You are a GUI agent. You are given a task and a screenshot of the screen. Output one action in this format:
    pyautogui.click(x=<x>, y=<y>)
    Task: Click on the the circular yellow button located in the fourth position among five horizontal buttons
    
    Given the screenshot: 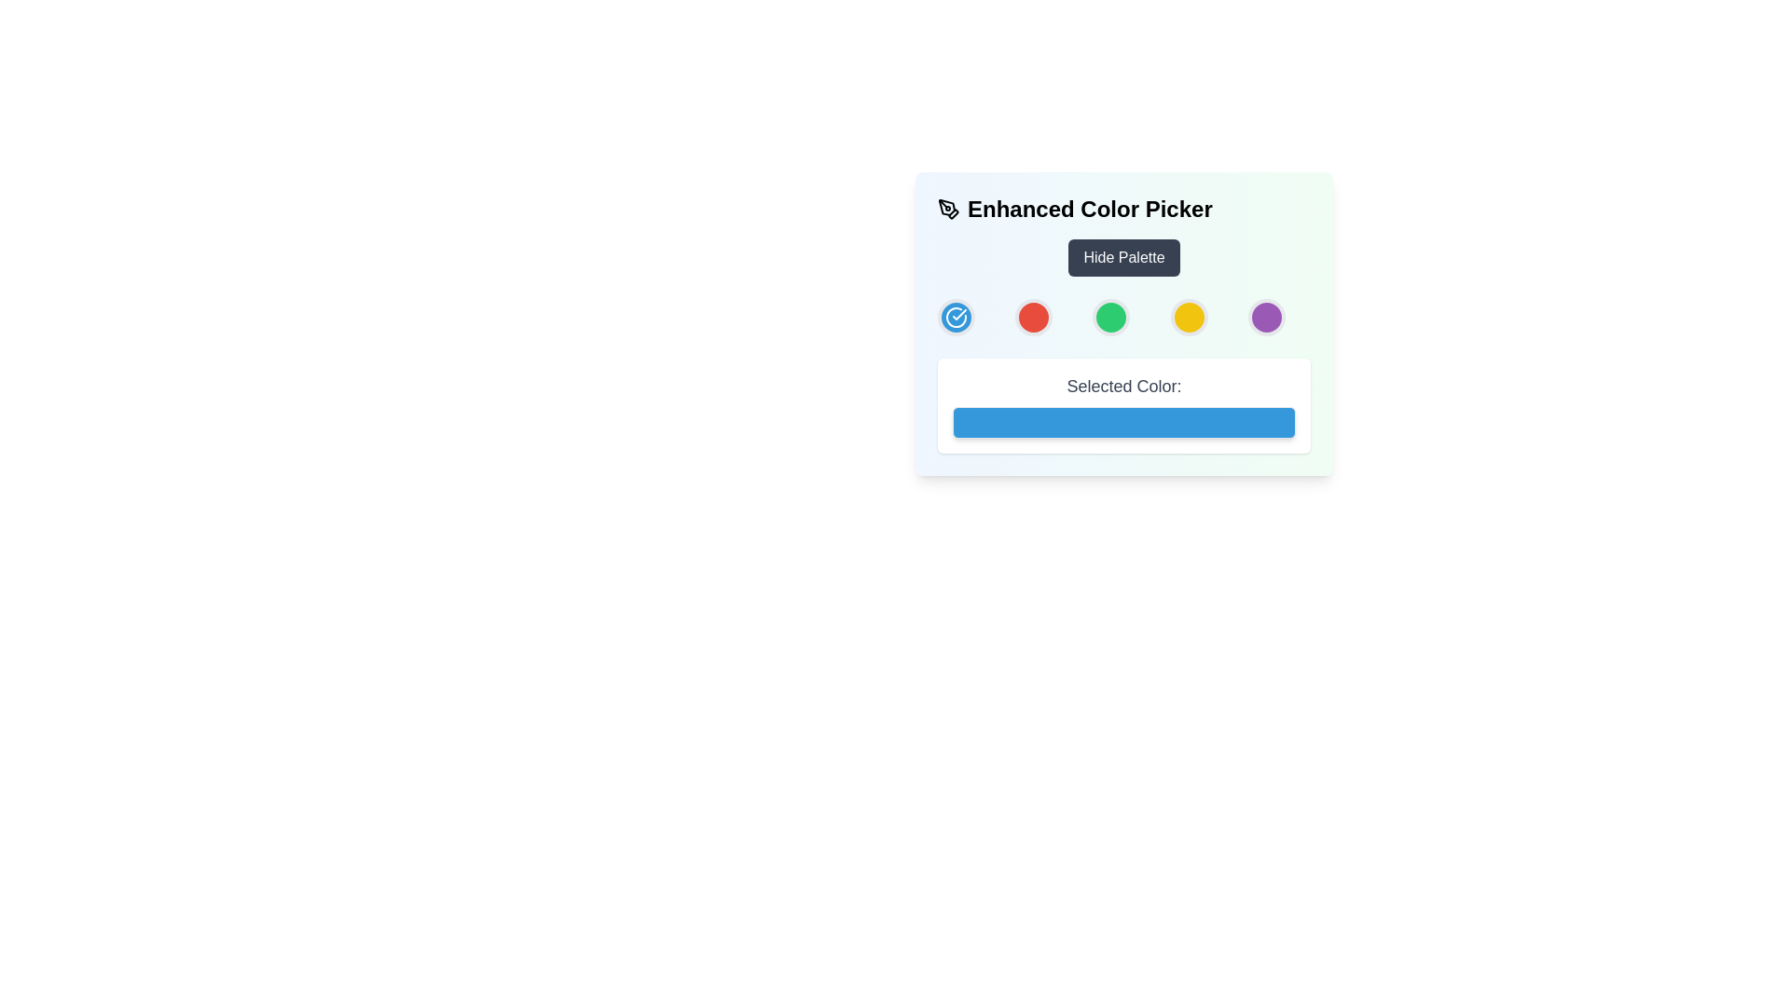 What is the action you would take?
    pyautogui.click(x=1188, y=316)
    